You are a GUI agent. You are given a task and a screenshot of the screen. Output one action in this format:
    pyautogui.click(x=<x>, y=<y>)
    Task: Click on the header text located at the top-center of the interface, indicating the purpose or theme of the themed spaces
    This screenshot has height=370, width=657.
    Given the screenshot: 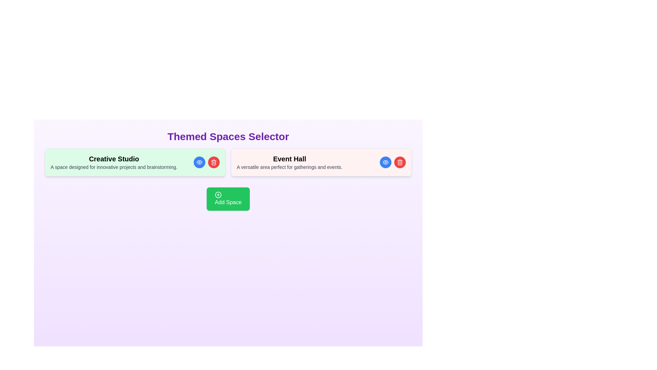 What is the action you would take?
    pyautogui.click(x=228, y=136)
    